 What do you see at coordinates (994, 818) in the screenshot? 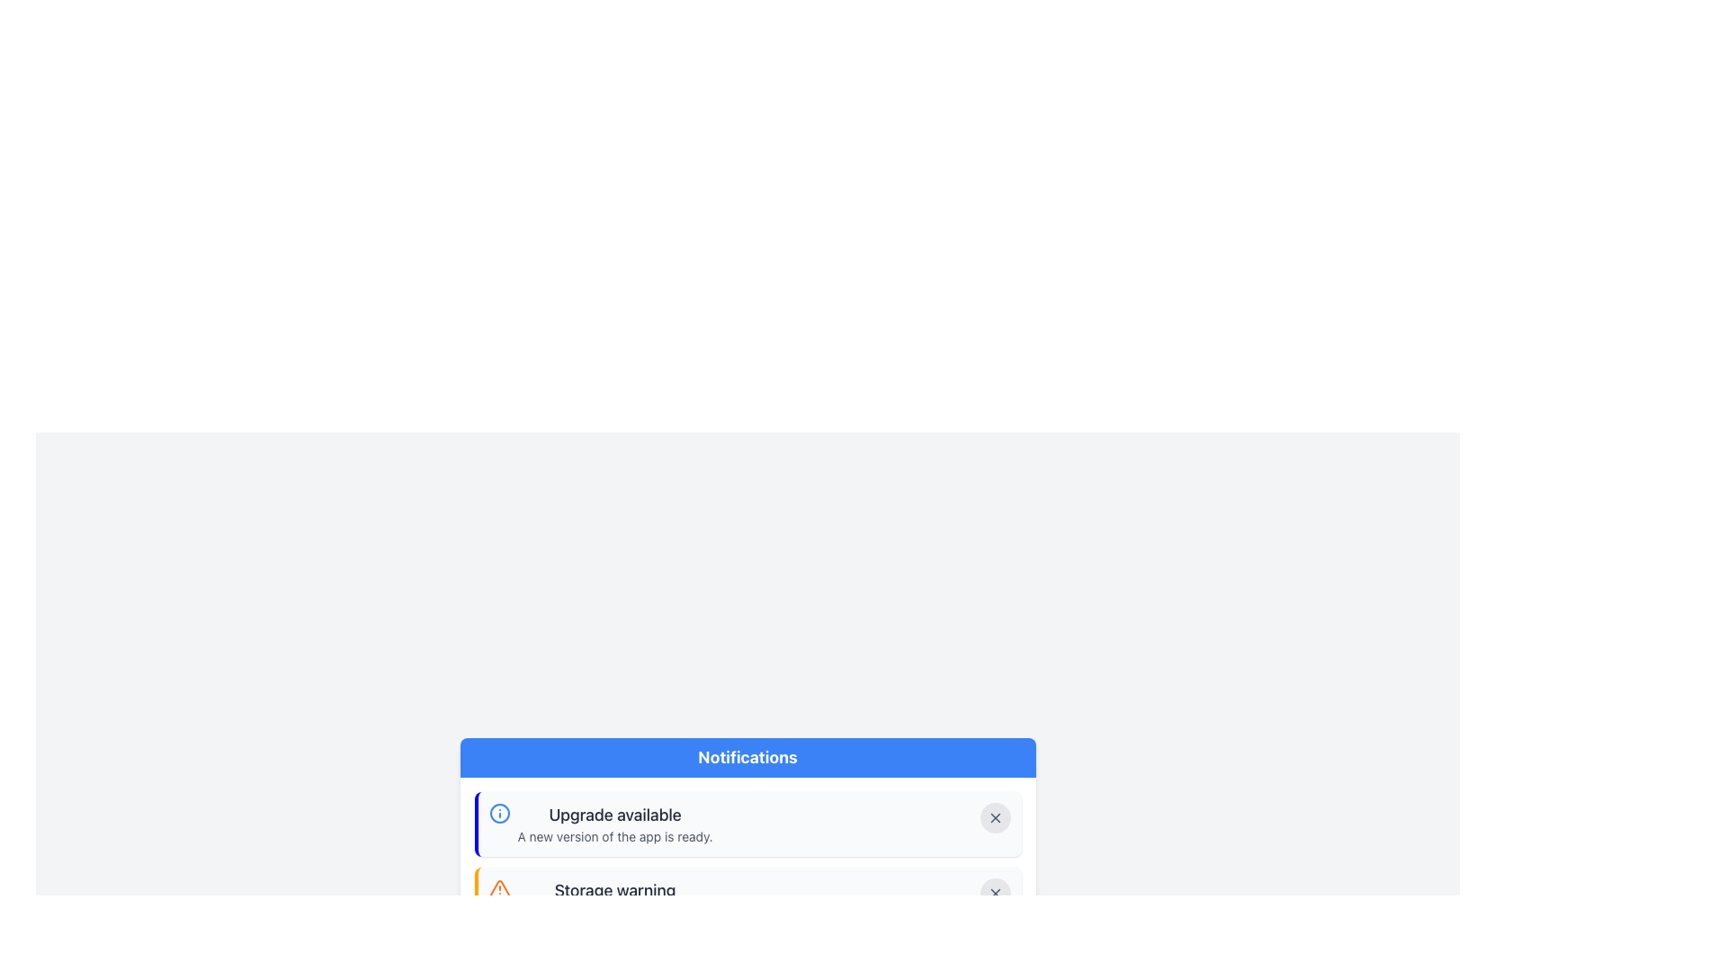
I see `the dismiss button located at the top-right corner of the notification card displaying 'Upgrade available' and 'A new version of the app is ready'` at bounding box center [994, 818].